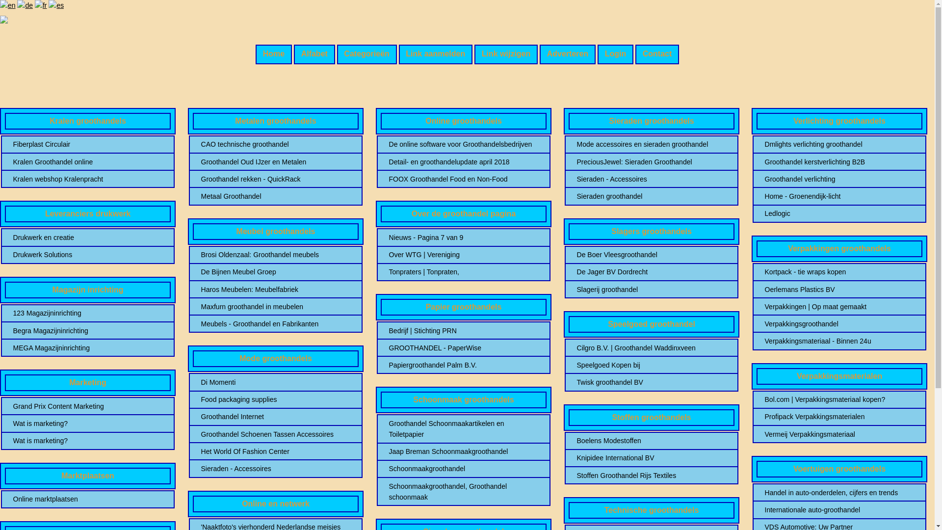 This screenshot has width=942, height=530. I want to click on 'Login', so click(615, 54).